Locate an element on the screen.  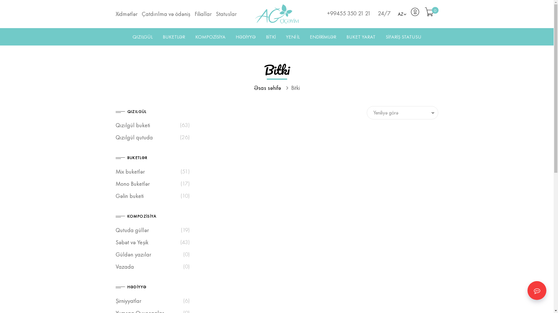
'Filiallar' is located at coordinates (205, 13).